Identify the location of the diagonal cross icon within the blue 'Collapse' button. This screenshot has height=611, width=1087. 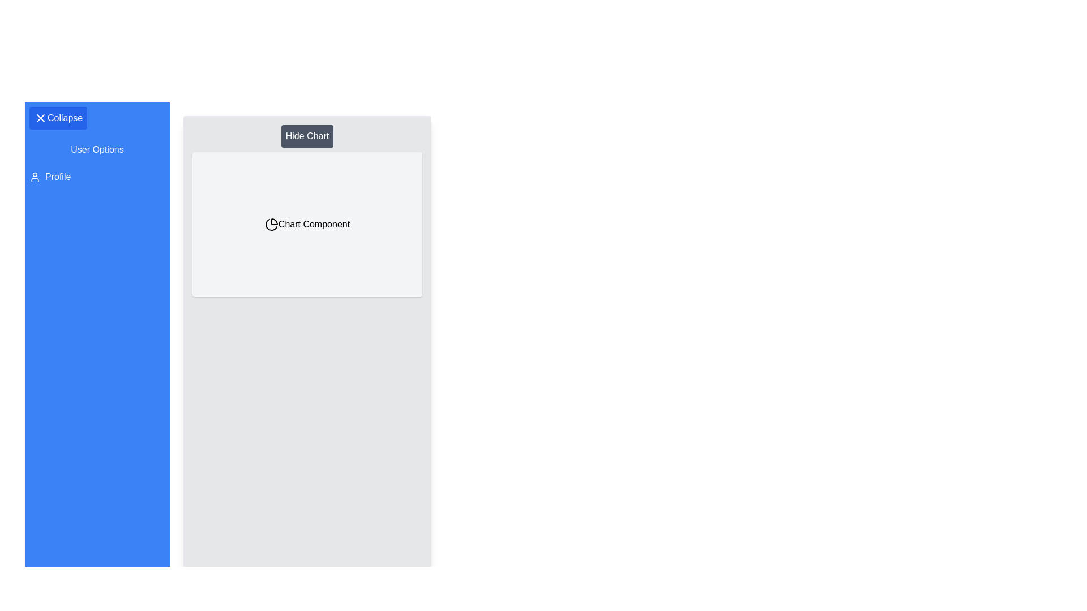
(41, 118).